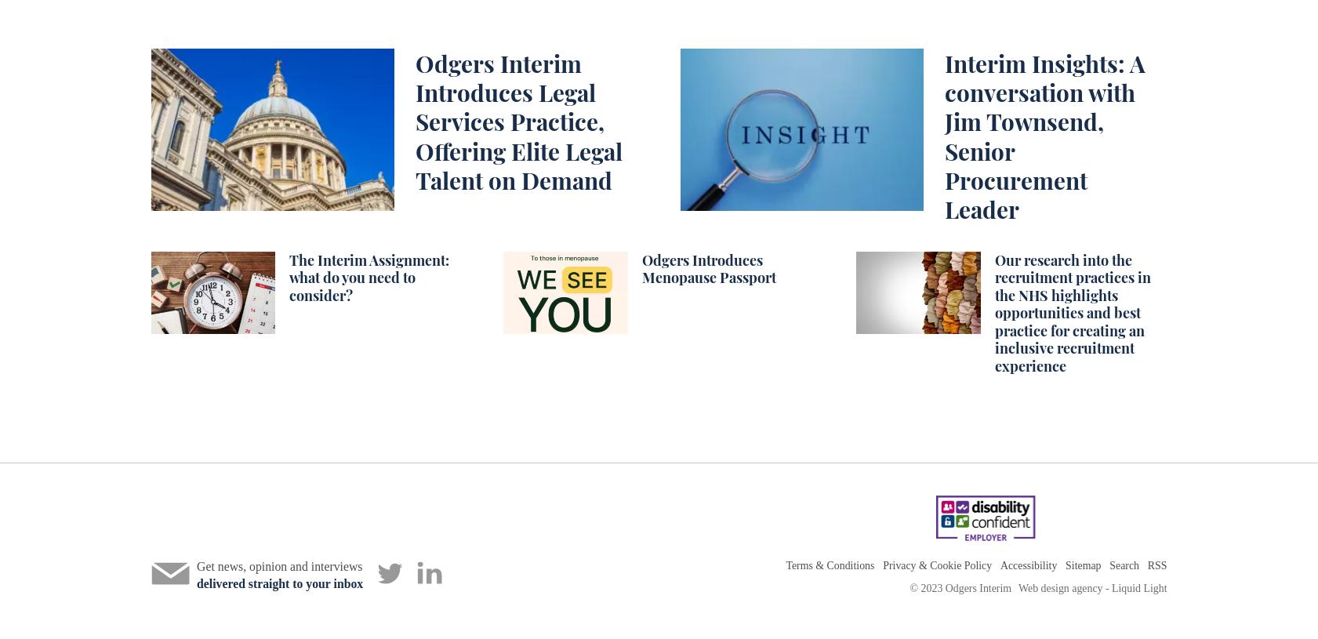  What do you see at coordinates (1083, 565) in the screenshot?
I see `'Sitemap'` at bounding box center [1083, 565].